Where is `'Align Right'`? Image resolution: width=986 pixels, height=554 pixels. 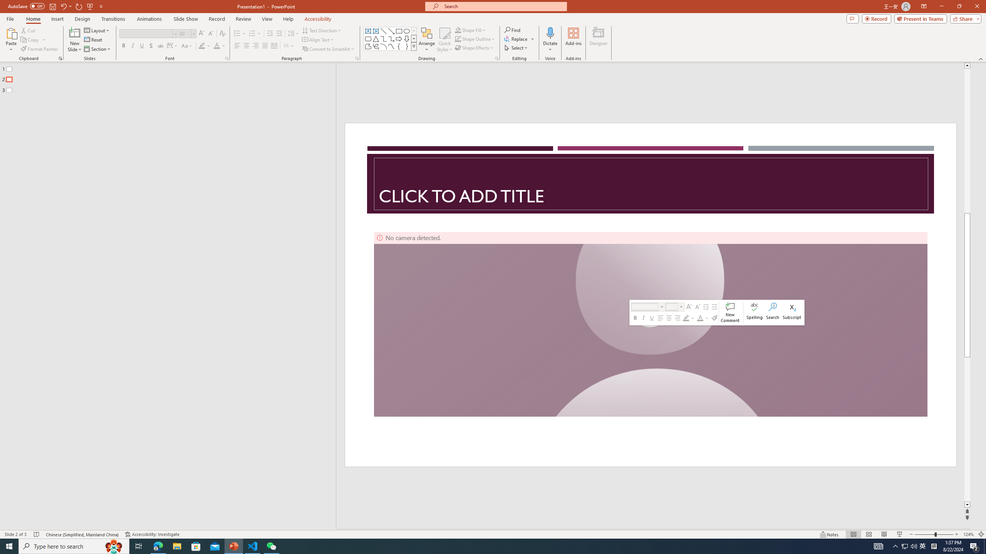 'Align Right' is located at coordinates (256, 45).